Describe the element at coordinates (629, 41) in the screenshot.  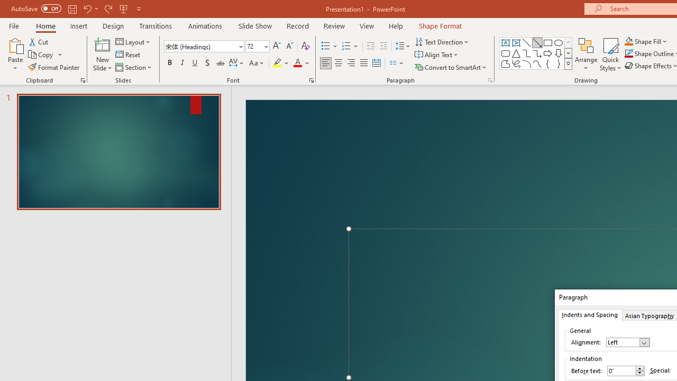
I see `'Shape Fill Orange, Accent 2'` at that location.